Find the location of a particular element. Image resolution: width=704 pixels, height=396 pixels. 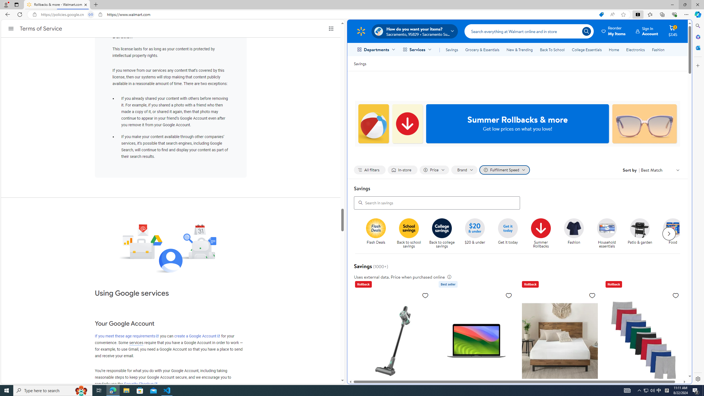

'This site has coupons! Shopping in Microsoft Edge, 7' is located at coordinates (601, 15).